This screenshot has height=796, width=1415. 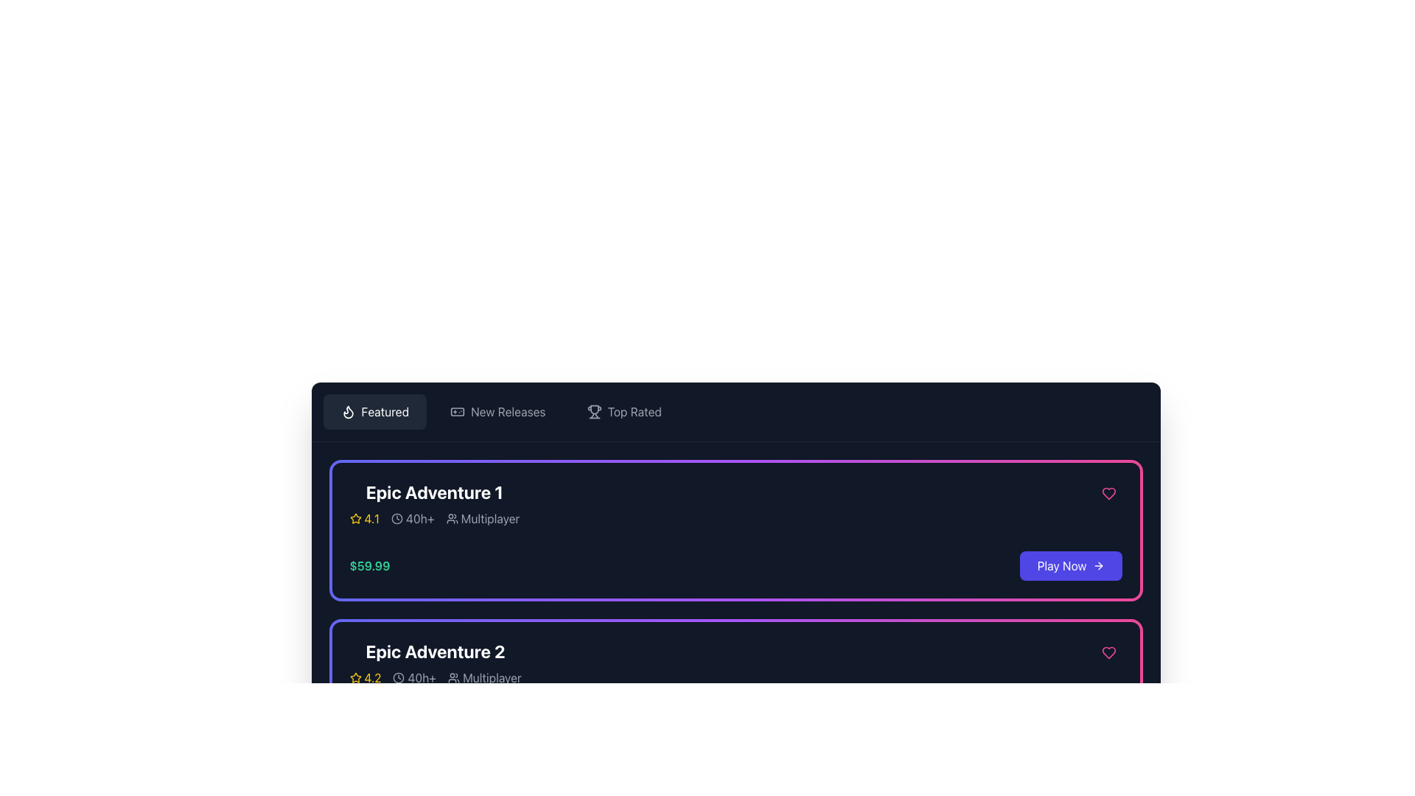 I want to click on the progression icon located at the right end of the 'Play Now' button, which invites users to proceed to gameplay, so click(x=1098, y=565).